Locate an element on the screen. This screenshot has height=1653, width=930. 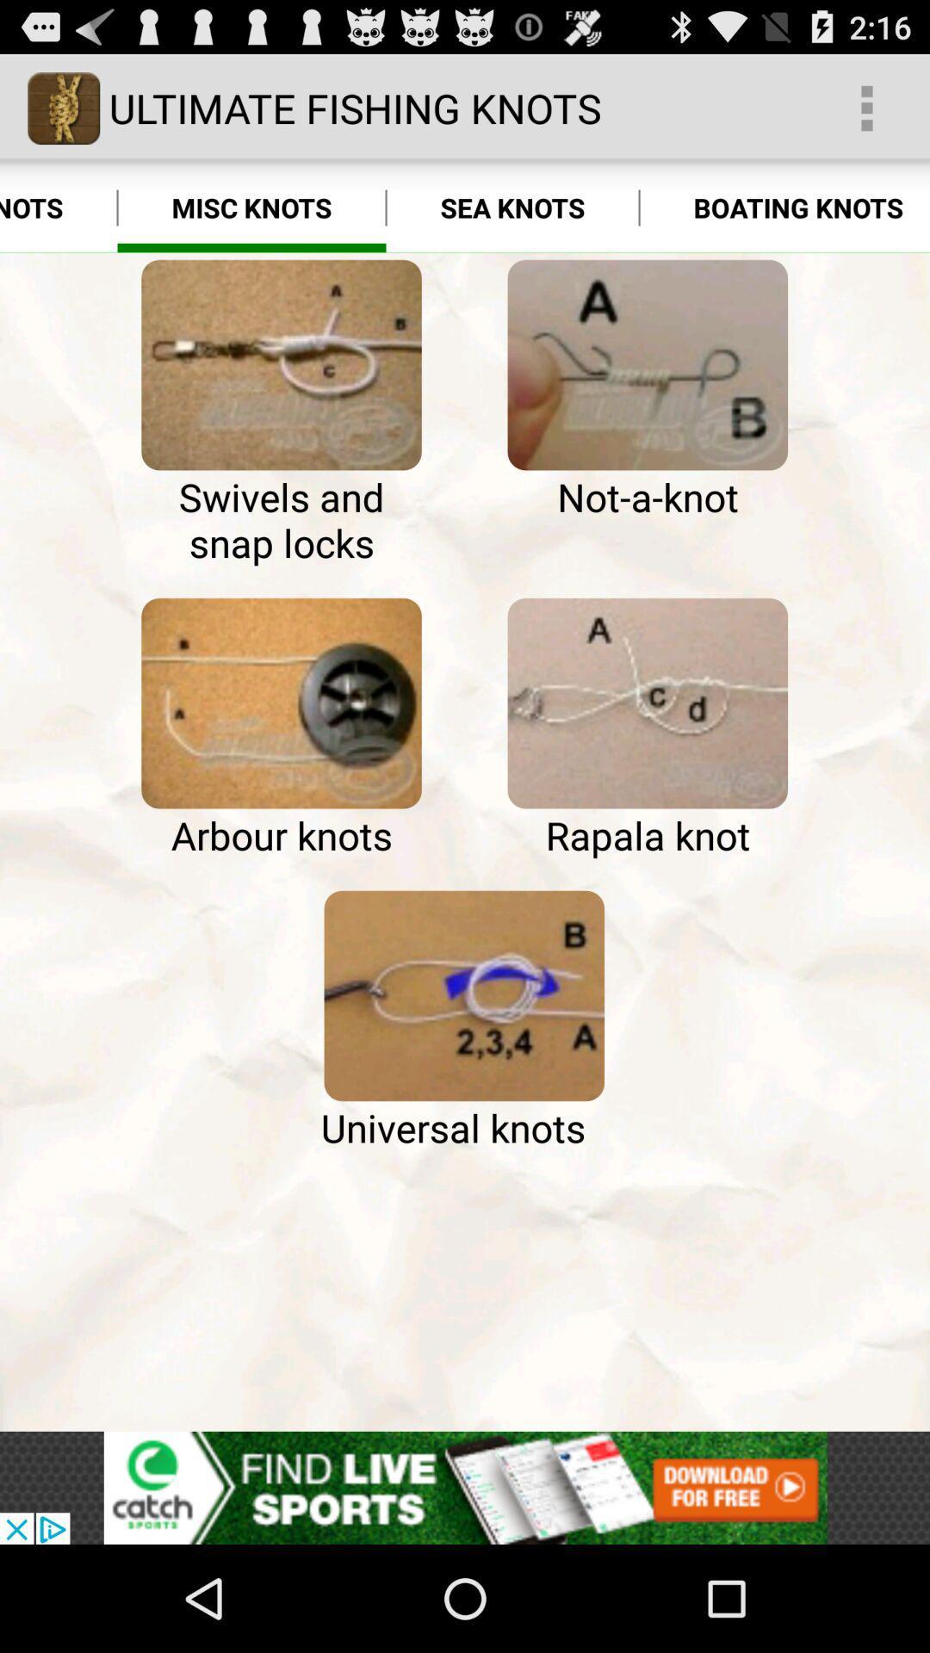
image open option is located at coordinates (648, 703).